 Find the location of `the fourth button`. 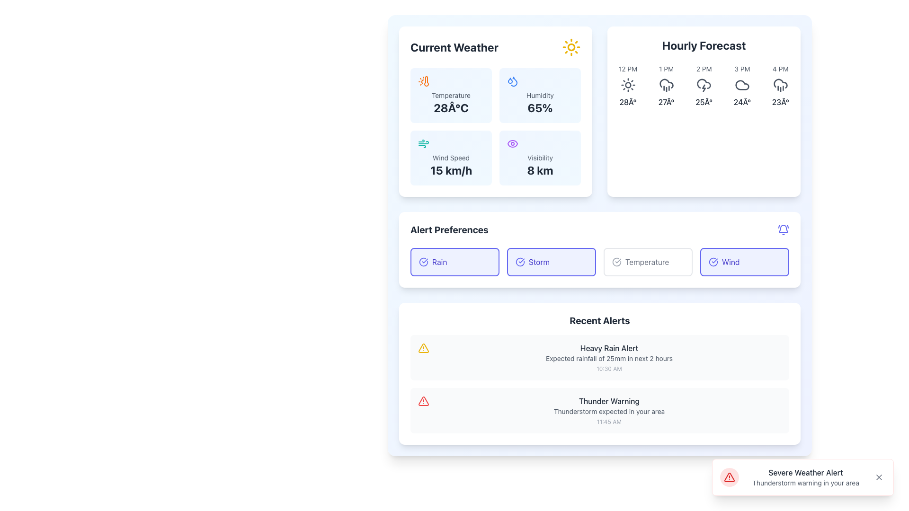

the fourth button is located at coordinates (744, 262).